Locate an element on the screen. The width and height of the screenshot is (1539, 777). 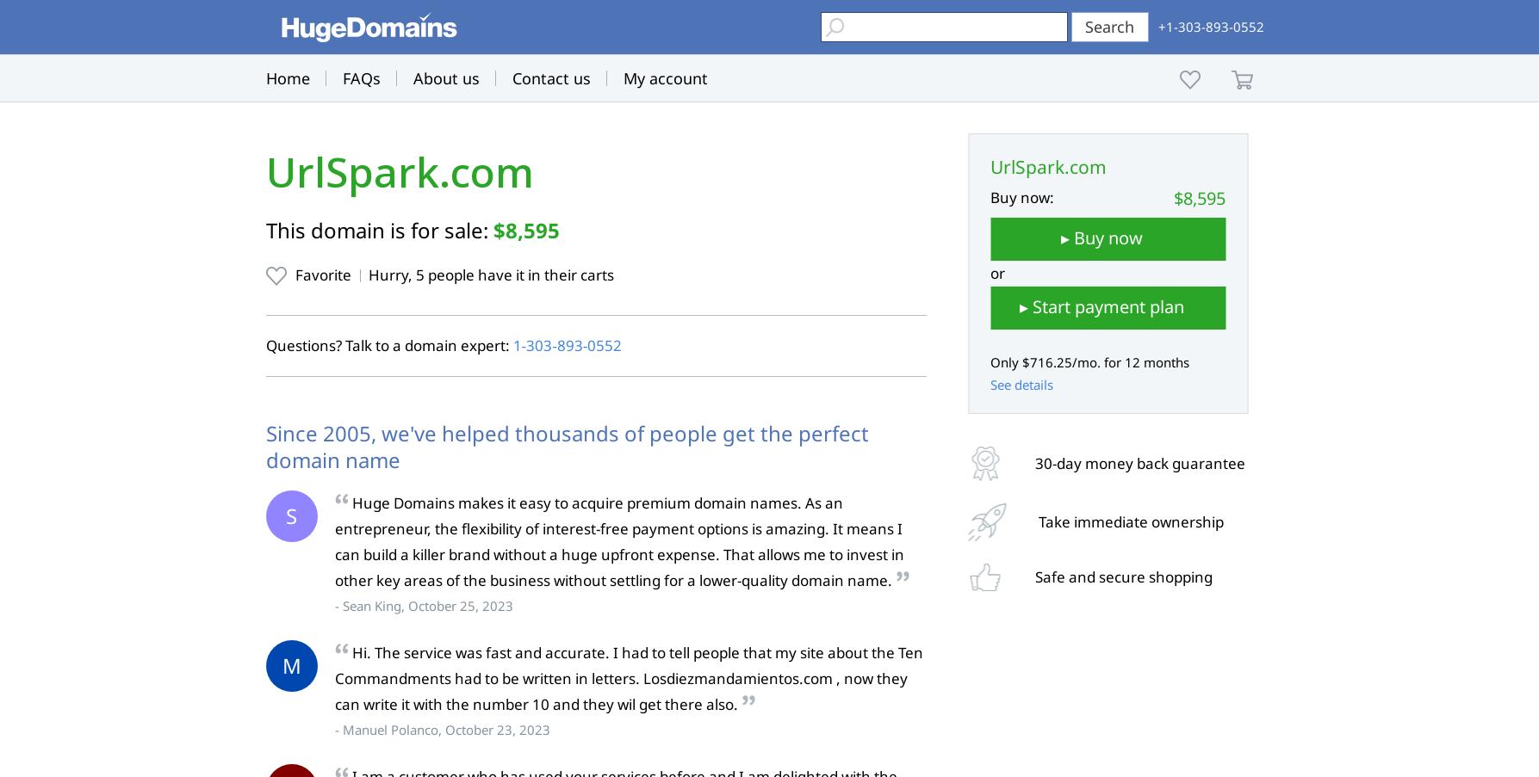
'- Sean King, October 25, 2023' is located at coordinates (423, 604).